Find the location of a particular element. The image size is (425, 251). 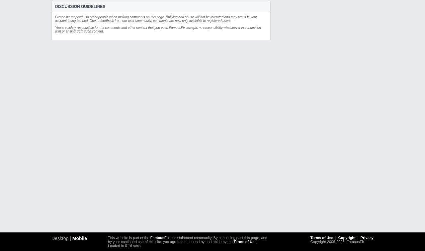

'You are solely responsible for the comments and other content that you post. FamousFix accepts no responsibility whatsoever in connection with or arising from such content.' is located at coordinates (157, 29).